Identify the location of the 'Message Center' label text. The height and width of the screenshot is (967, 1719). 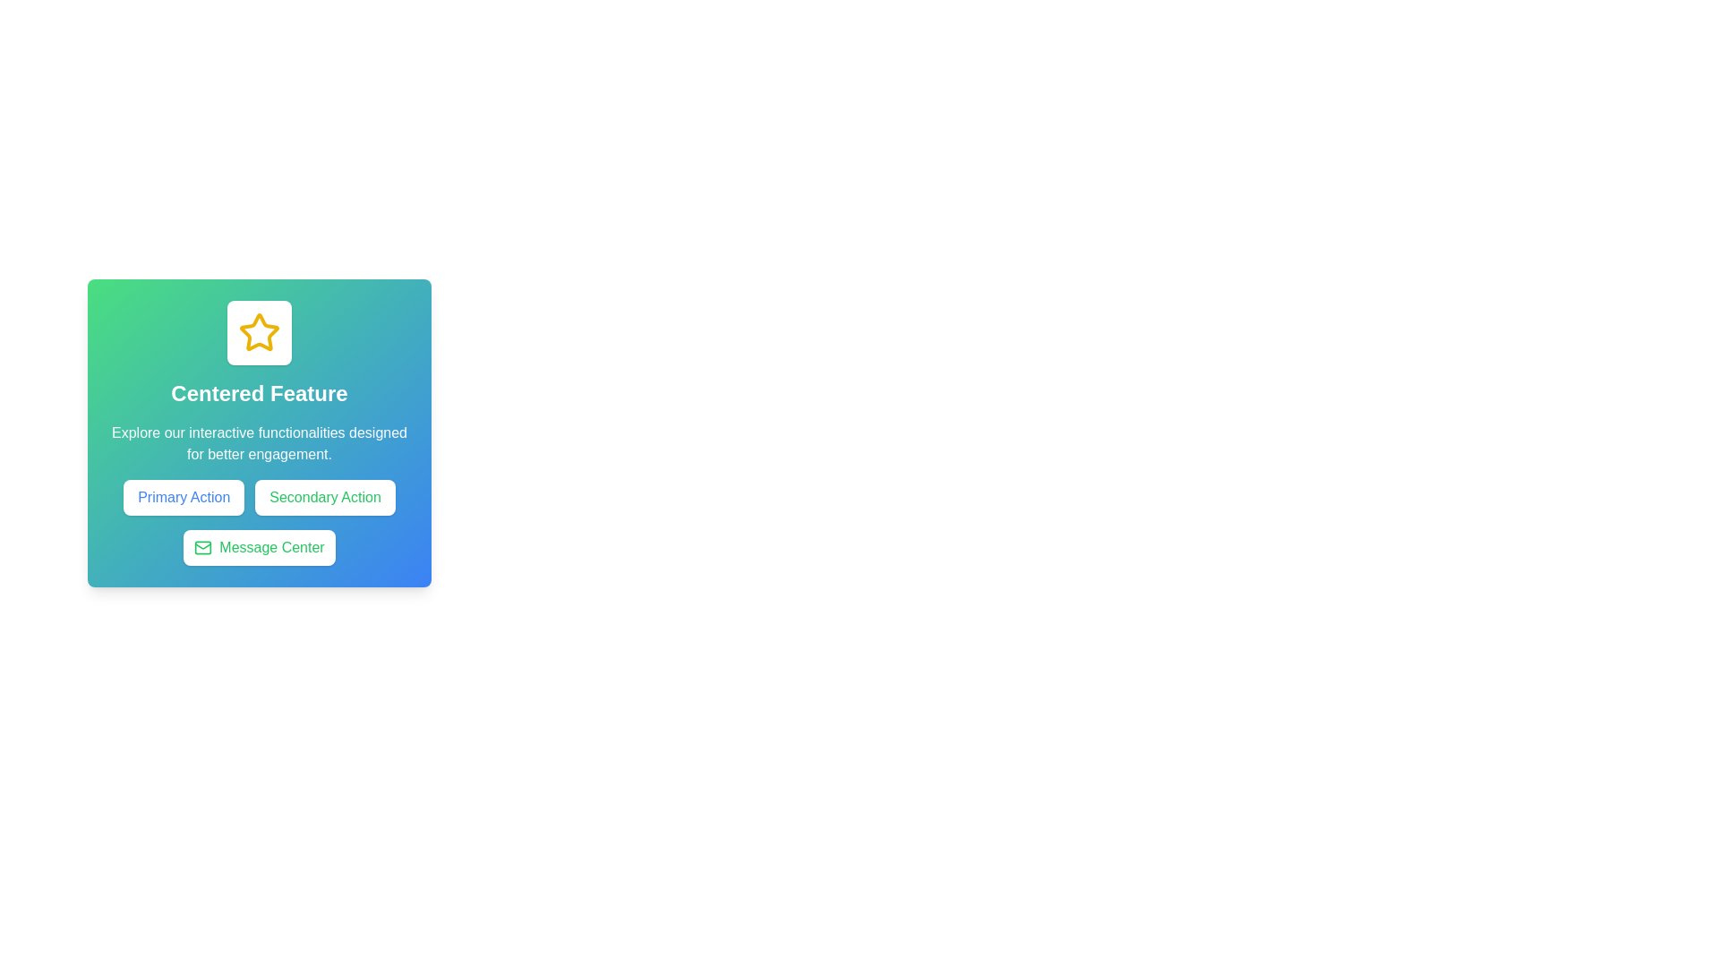
(270, 547).